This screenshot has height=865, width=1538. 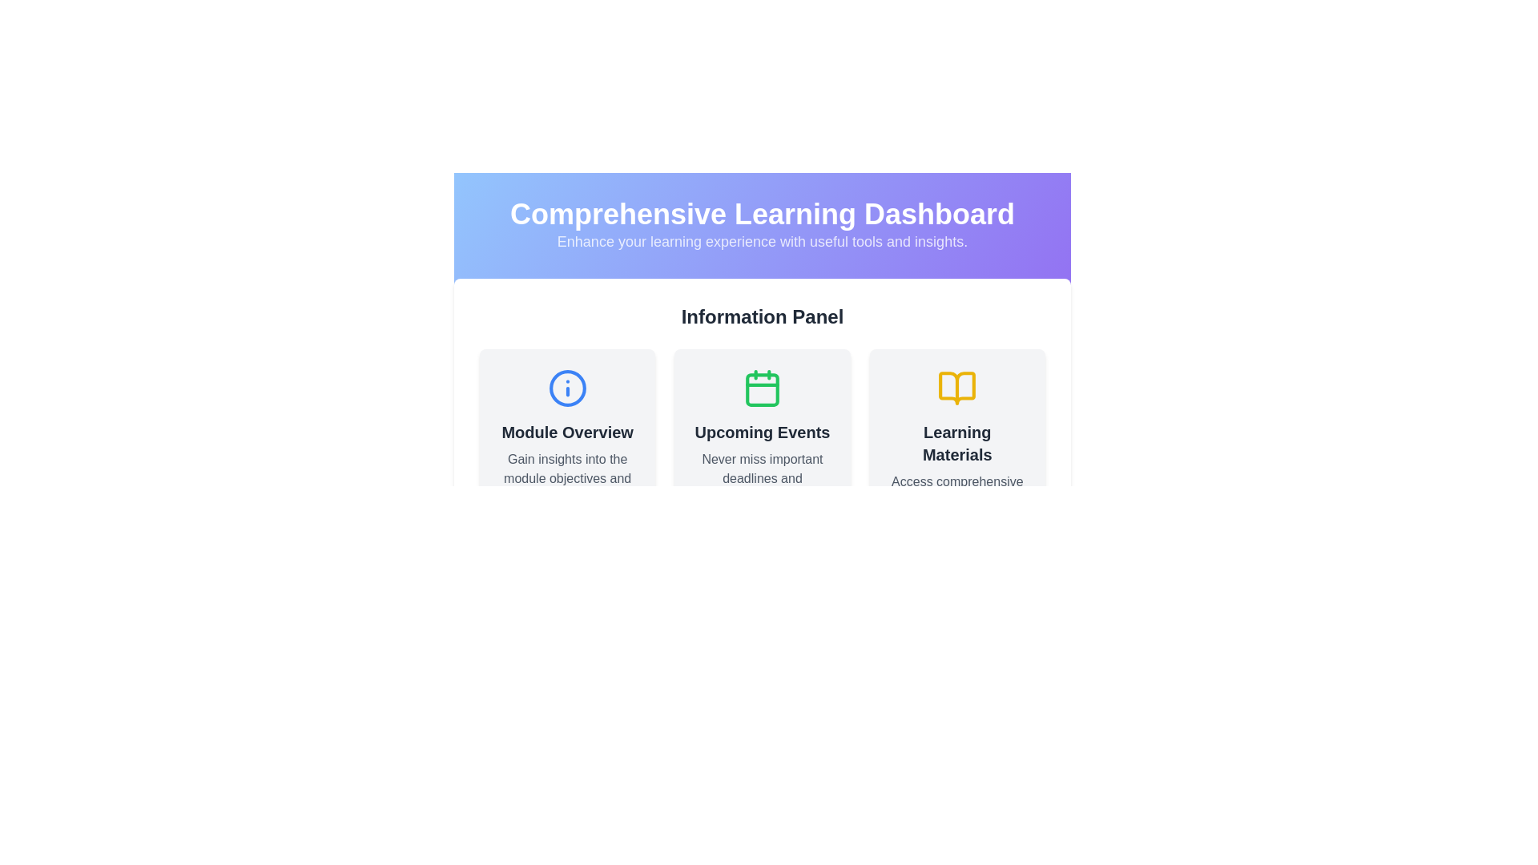 What do you see at coordinates (567, 388) in the screenshot?
I see `the circular 'info' icon with a blue outline and white background, featuring an 'i' symbol, located centrally within the 'Module Overview' panel` at bounding box center [567, 388].